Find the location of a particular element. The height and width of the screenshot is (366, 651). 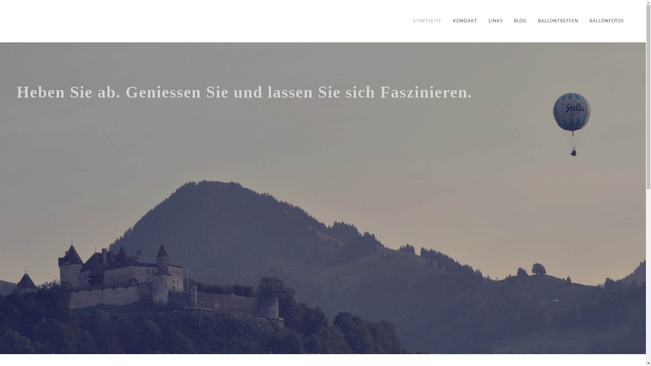

'BALLONFOTOS' is located at coordinates (607, 21).